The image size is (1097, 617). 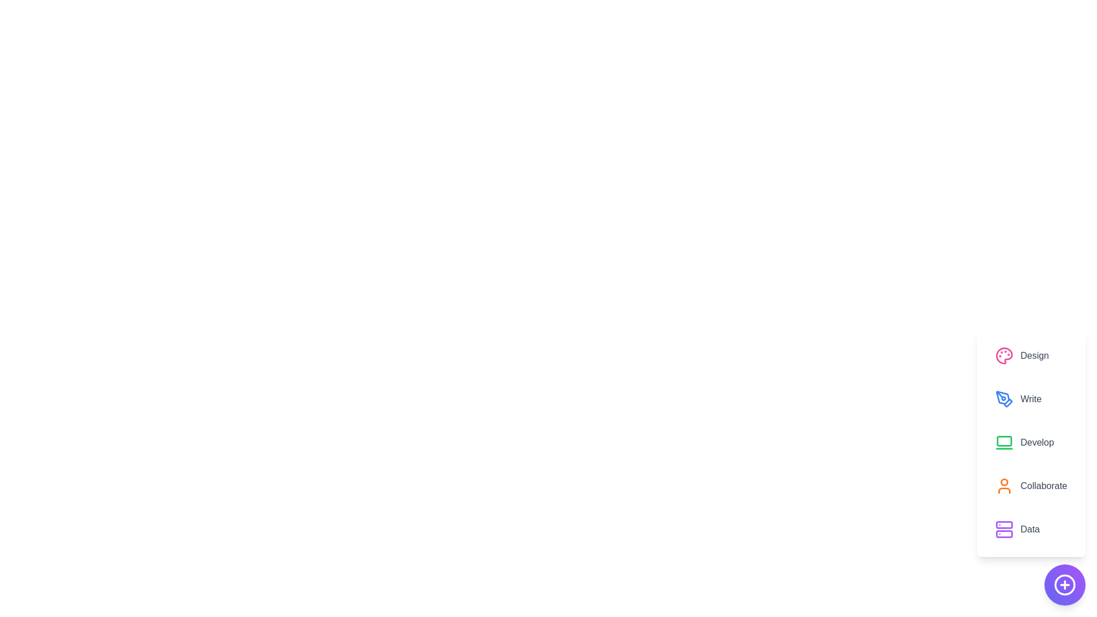 I want to click on the option Design from the displayed options, so click(x=1031, y=355).